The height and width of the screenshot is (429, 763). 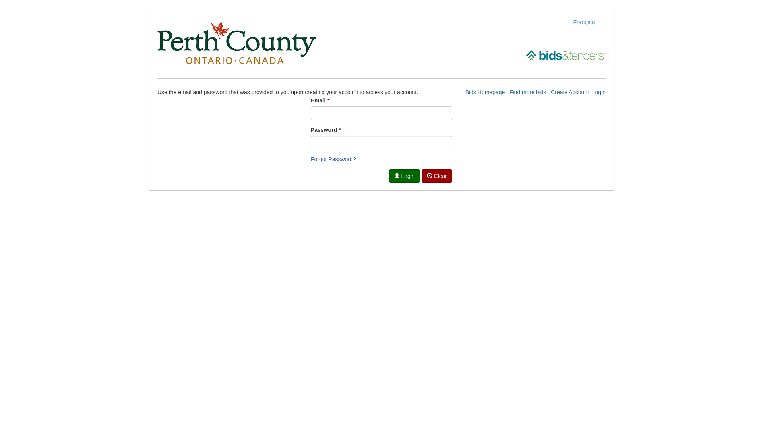 I want to click on 'Open Perth County site in a new window', so click(x=236, y=43).